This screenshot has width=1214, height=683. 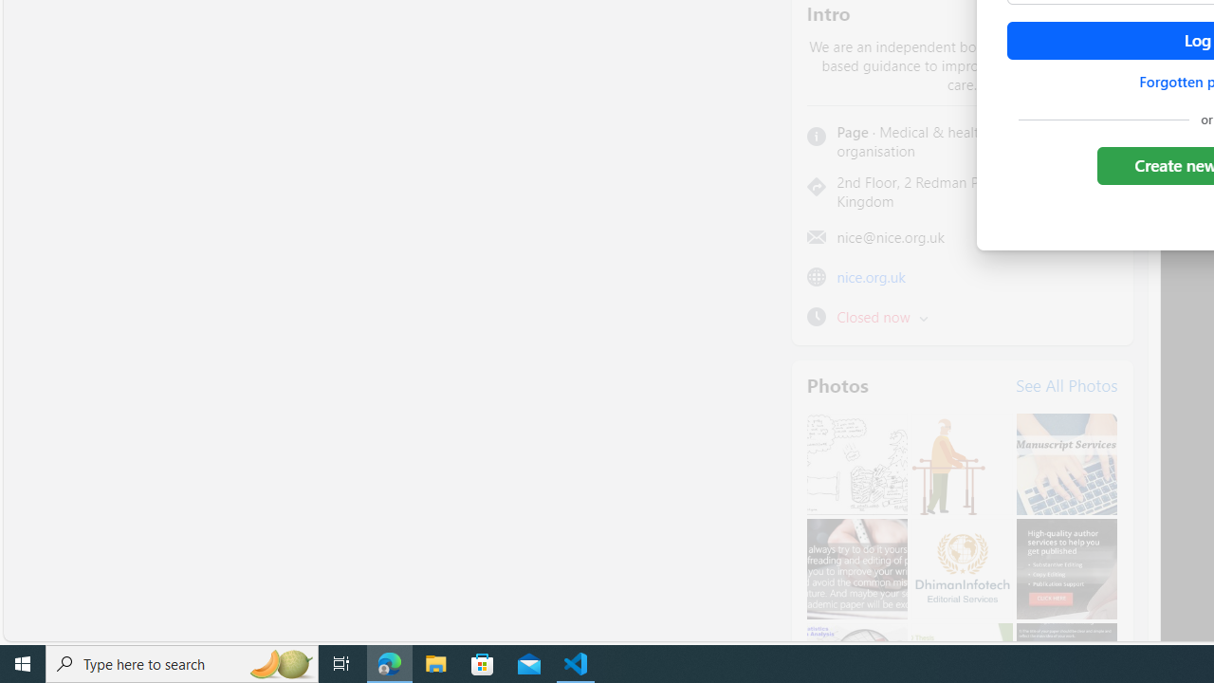 What do you see at coordinates (483, 662) in the screenshot?
I see `'Microsoft Store'` at bounding box center [483, 662].